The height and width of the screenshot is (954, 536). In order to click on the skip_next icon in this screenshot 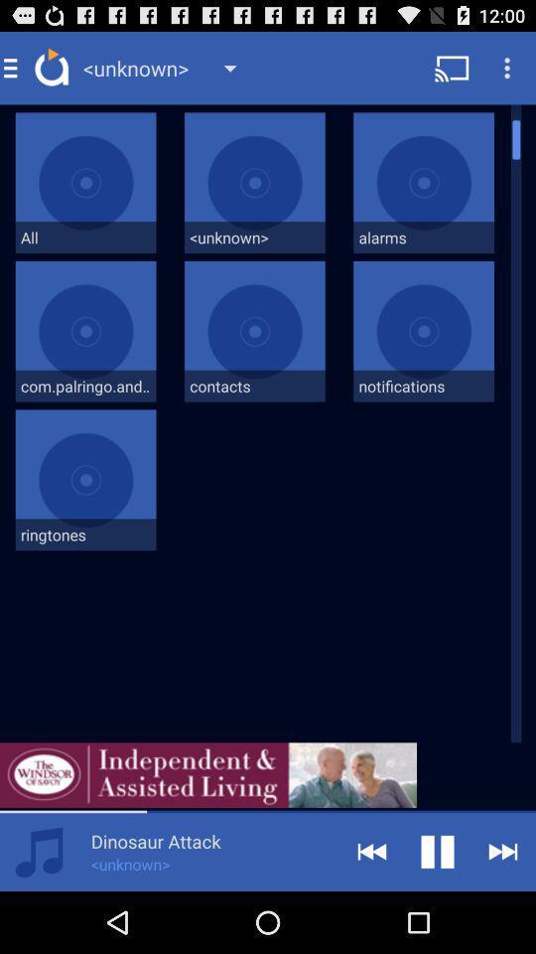, I will do `click(503, 911)`.